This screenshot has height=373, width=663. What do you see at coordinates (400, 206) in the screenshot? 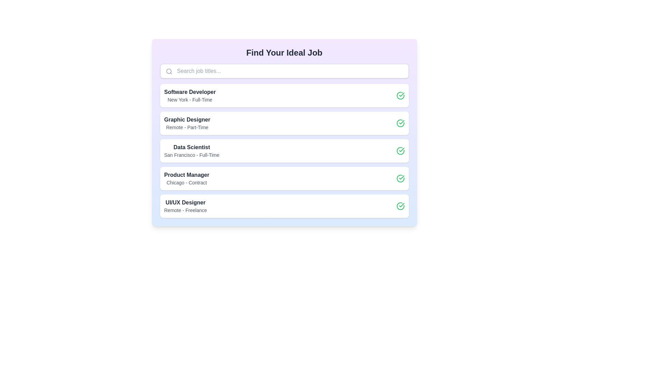
I see `the approval icon indicating the selection of the 'UI/UX Designer' job option, located to the right of the text 'UI/UX Designer' and 'Remote - Freelance'` at bounding box center [400, 206].